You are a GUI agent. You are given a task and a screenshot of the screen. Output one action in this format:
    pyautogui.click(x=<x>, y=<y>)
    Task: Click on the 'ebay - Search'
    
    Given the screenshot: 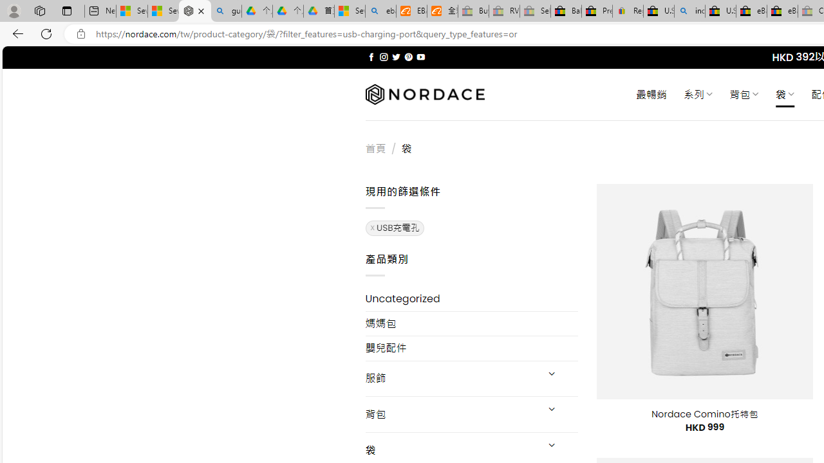 What is the action you would take?
    pyautogui.click(x=380, y=11)
    